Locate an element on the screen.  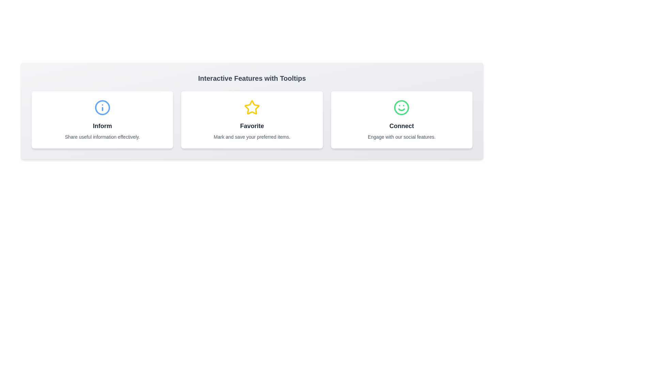
the green smiley face icon with a neutral expression, located at the top section of the 'Connect' card, which is the third card from the left is located at coordinates (402, 107).